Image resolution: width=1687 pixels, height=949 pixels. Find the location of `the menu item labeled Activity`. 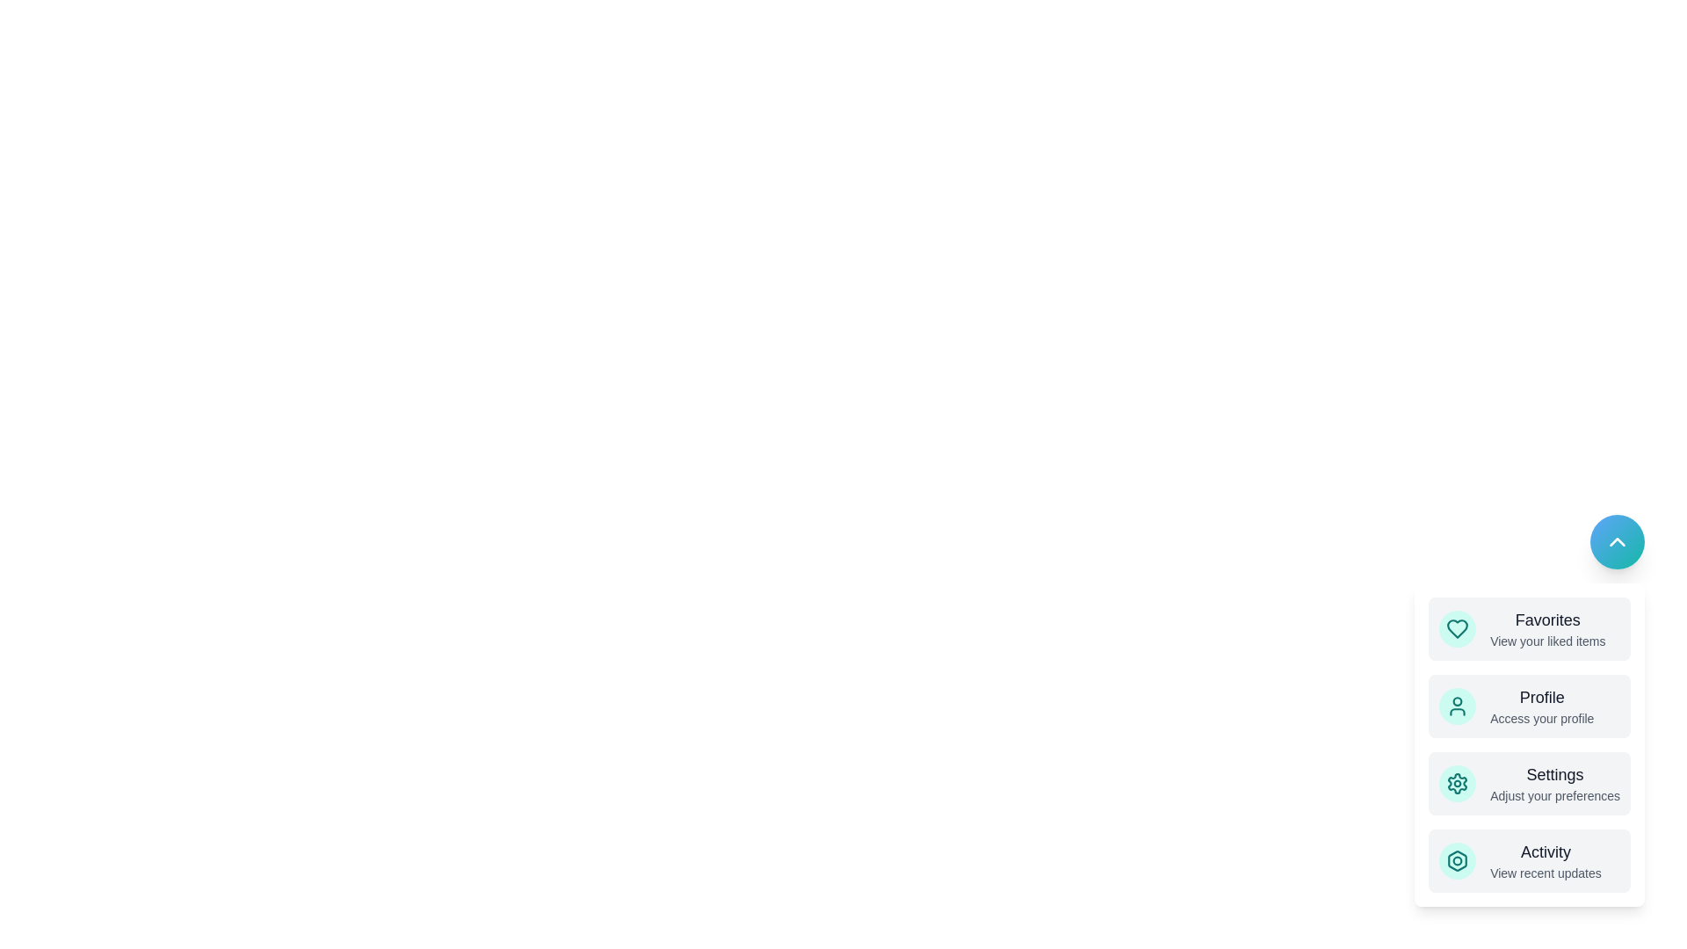

the menu item labeled Activity is located at coordinates (1529, 859).